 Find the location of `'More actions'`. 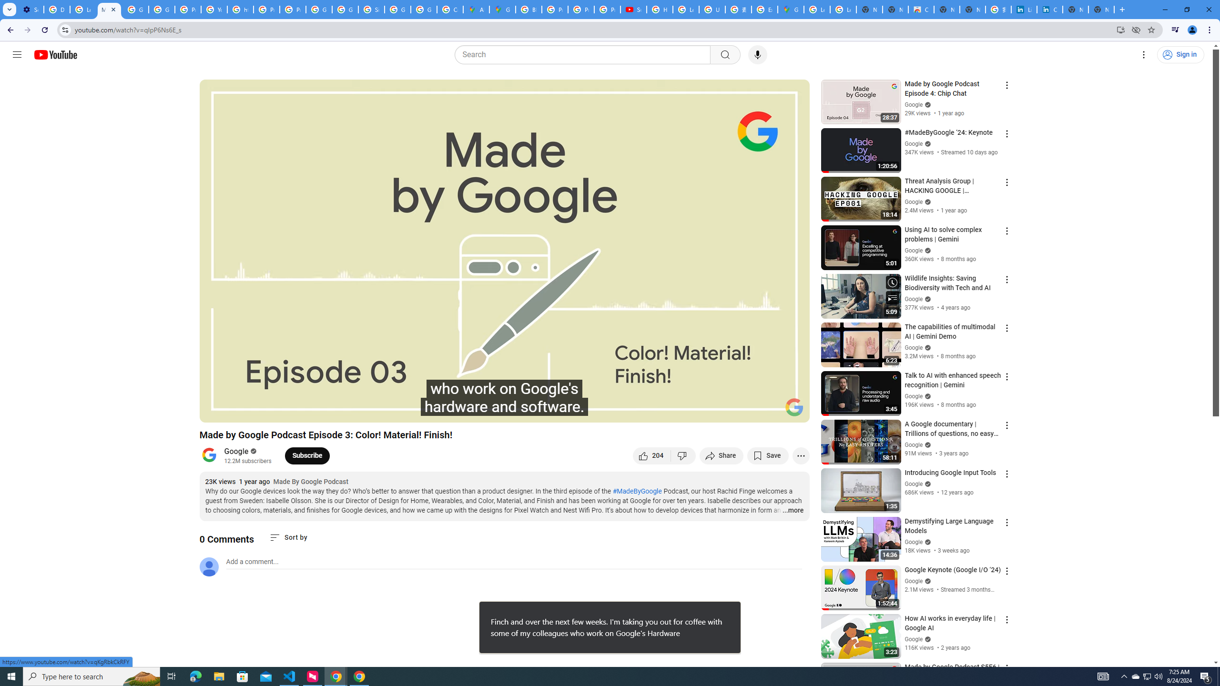

'More actions' is located at coordinates (800, 455).